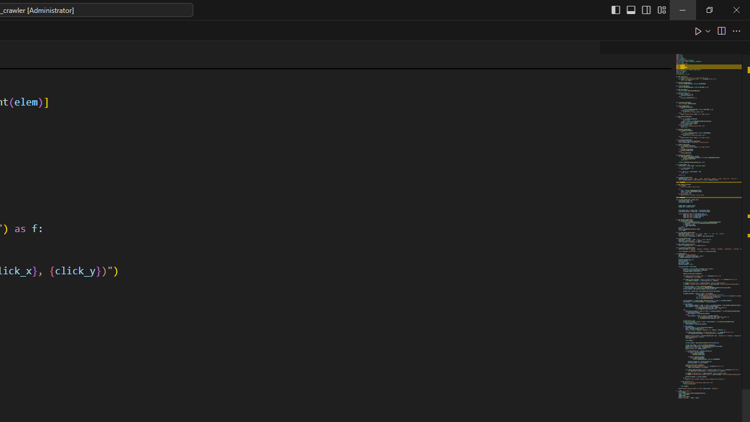 This screenshot has width=750, height=422. Describe the element at coordinates (637, 9) in the screenshot. I see `'Title actions'` at that location.